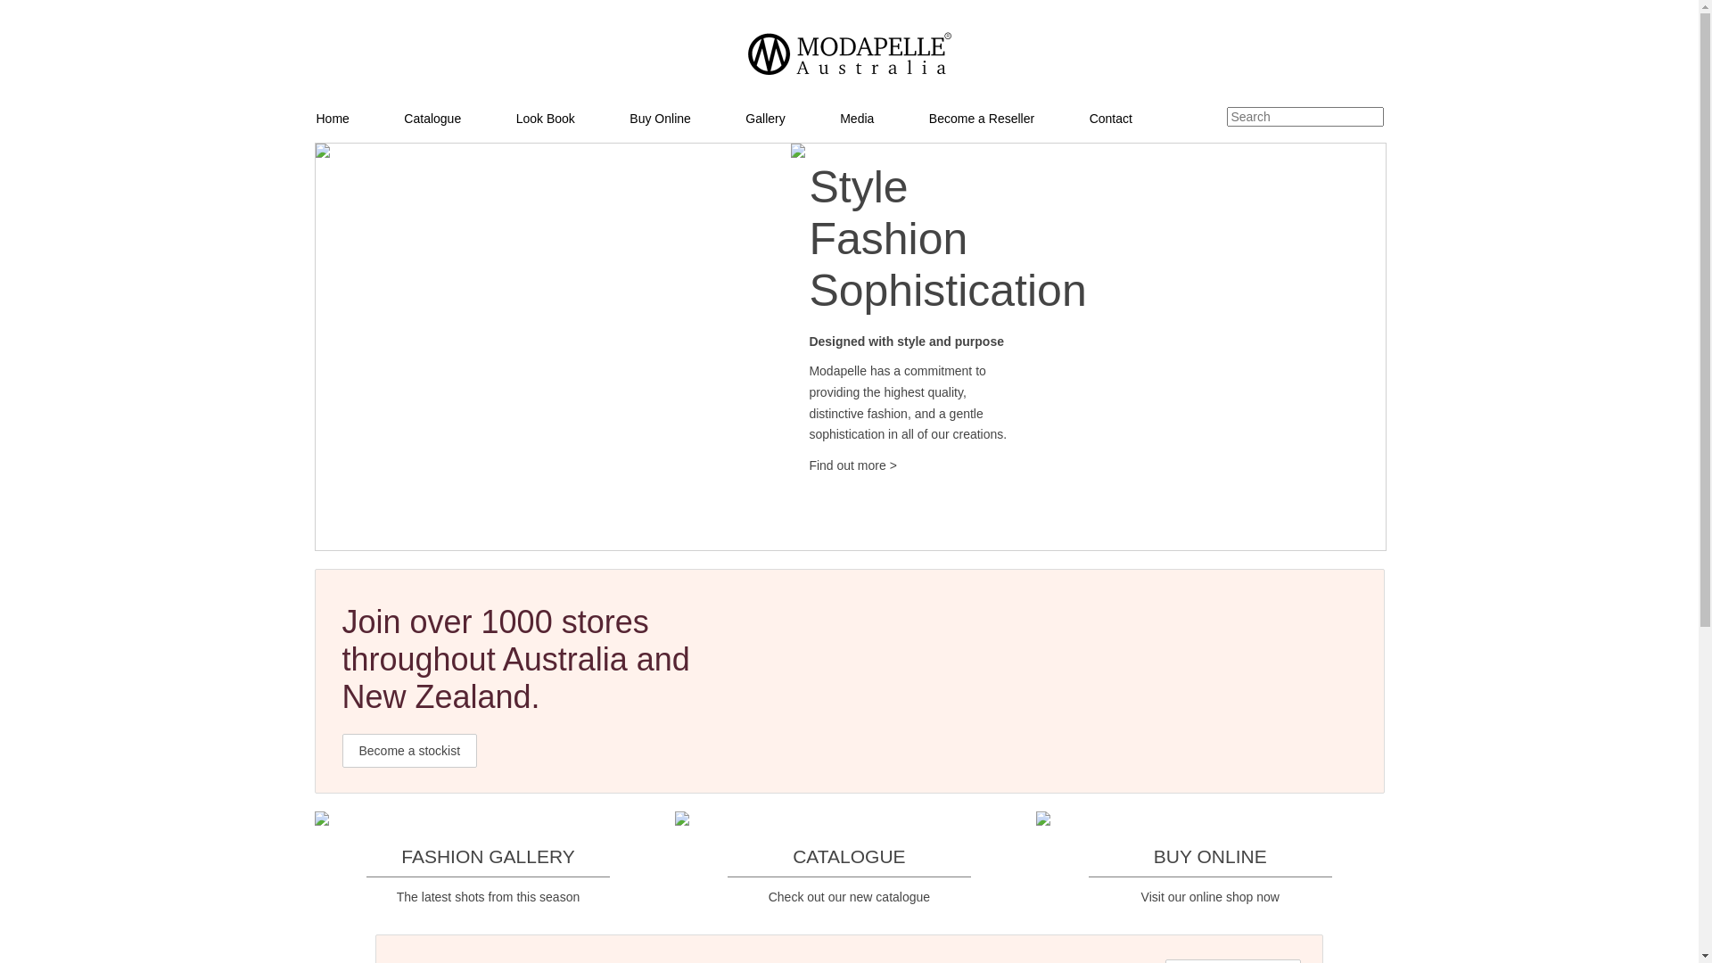 The height and width of the screenshot is (963, 1712). What do you see at coordinates (883, 118) in the screenshot?
I see `'Media'` at bounding box center [883, 118].